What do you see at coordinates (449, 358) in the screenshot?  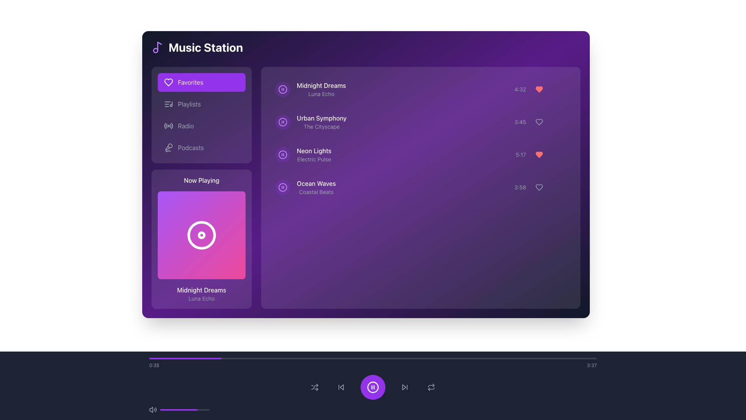 I see `playback progress` at bounding box center [449, 358].